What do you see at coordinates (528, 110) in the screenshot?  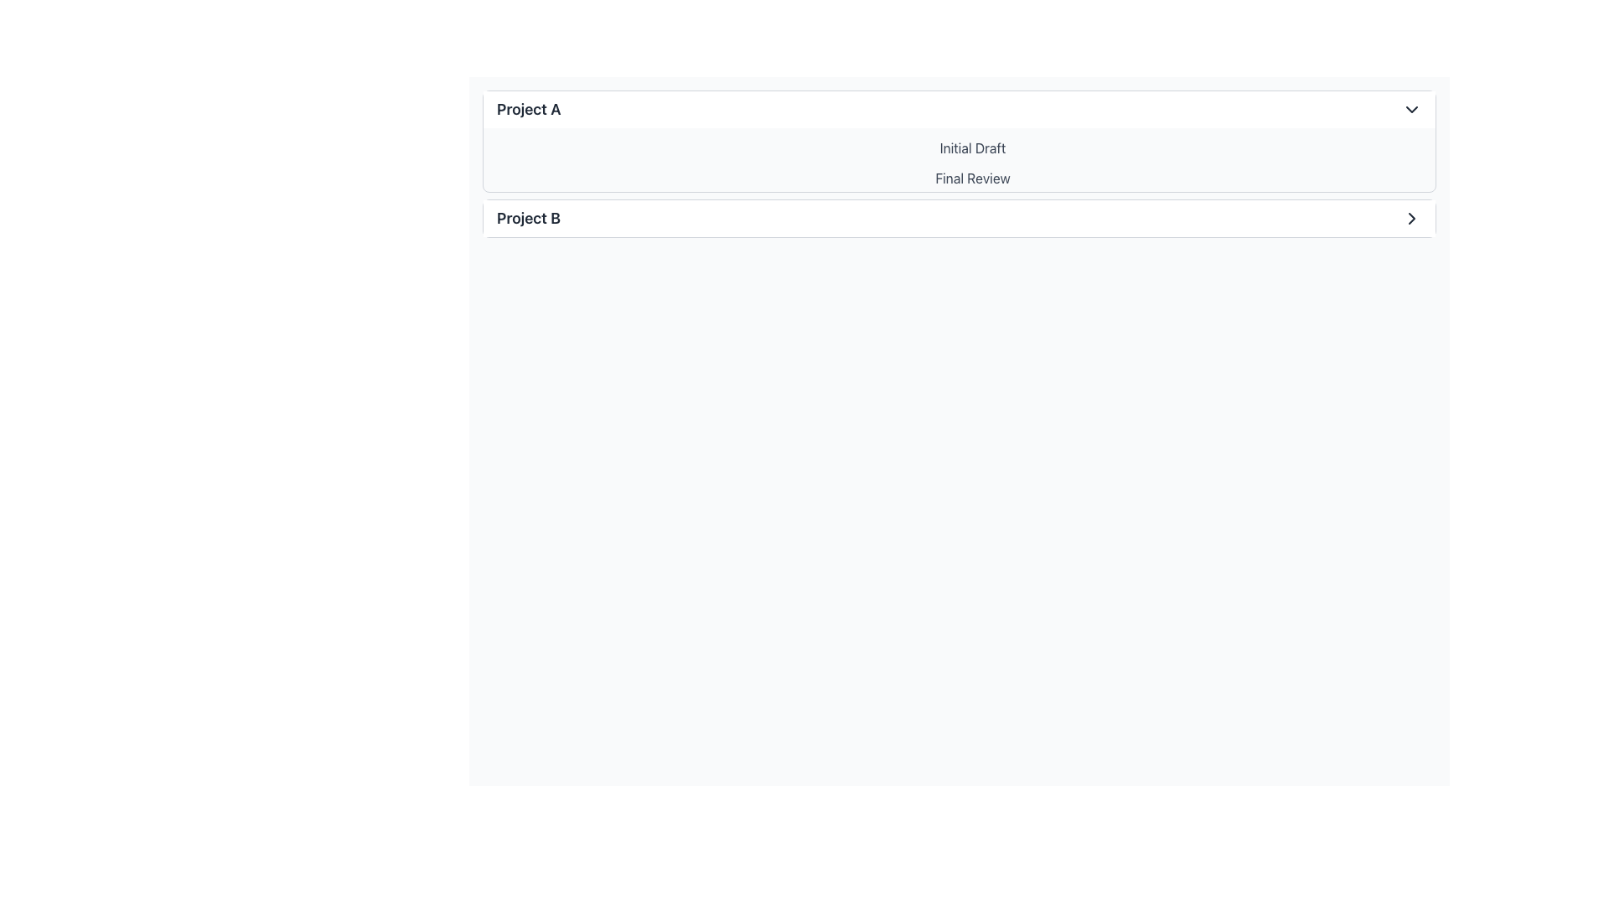 I see `the text label displaying 'Project A', which is styled as a prominent header with bold dark gray text on a white background, located near the top-left corner of the interface` at bounding box center [528, 110].